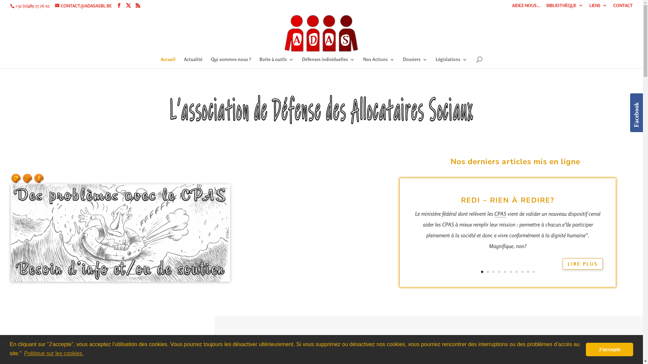  Describe the element at coordinates (481, 271) in the screenshot. I see `'1'` at that location.